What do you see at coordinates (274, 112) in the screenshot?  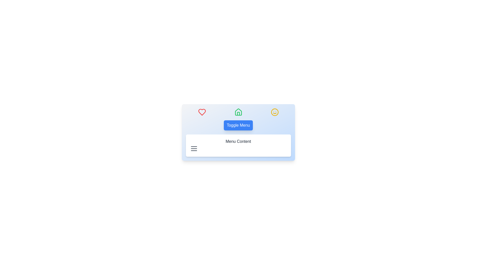 I see `the yellow smiley face icon located at the top-right corner, which is the third icon in a row of icons, to provide feedback` at bounding box center [274, 112].